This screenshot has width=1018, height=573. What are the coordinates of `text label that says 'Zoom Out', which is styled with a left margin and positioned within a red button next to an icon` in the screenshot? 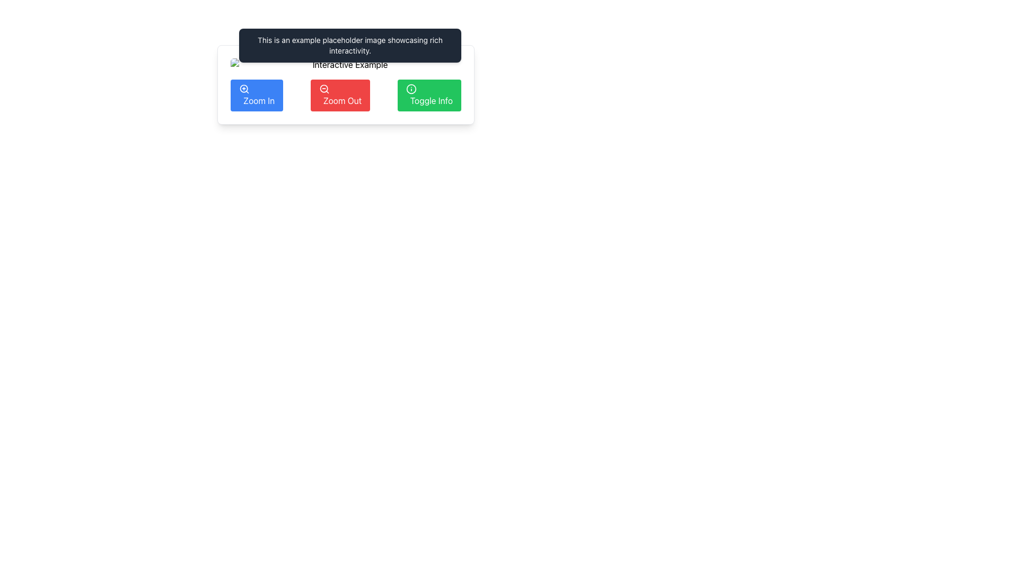 It's located at (342, 100).